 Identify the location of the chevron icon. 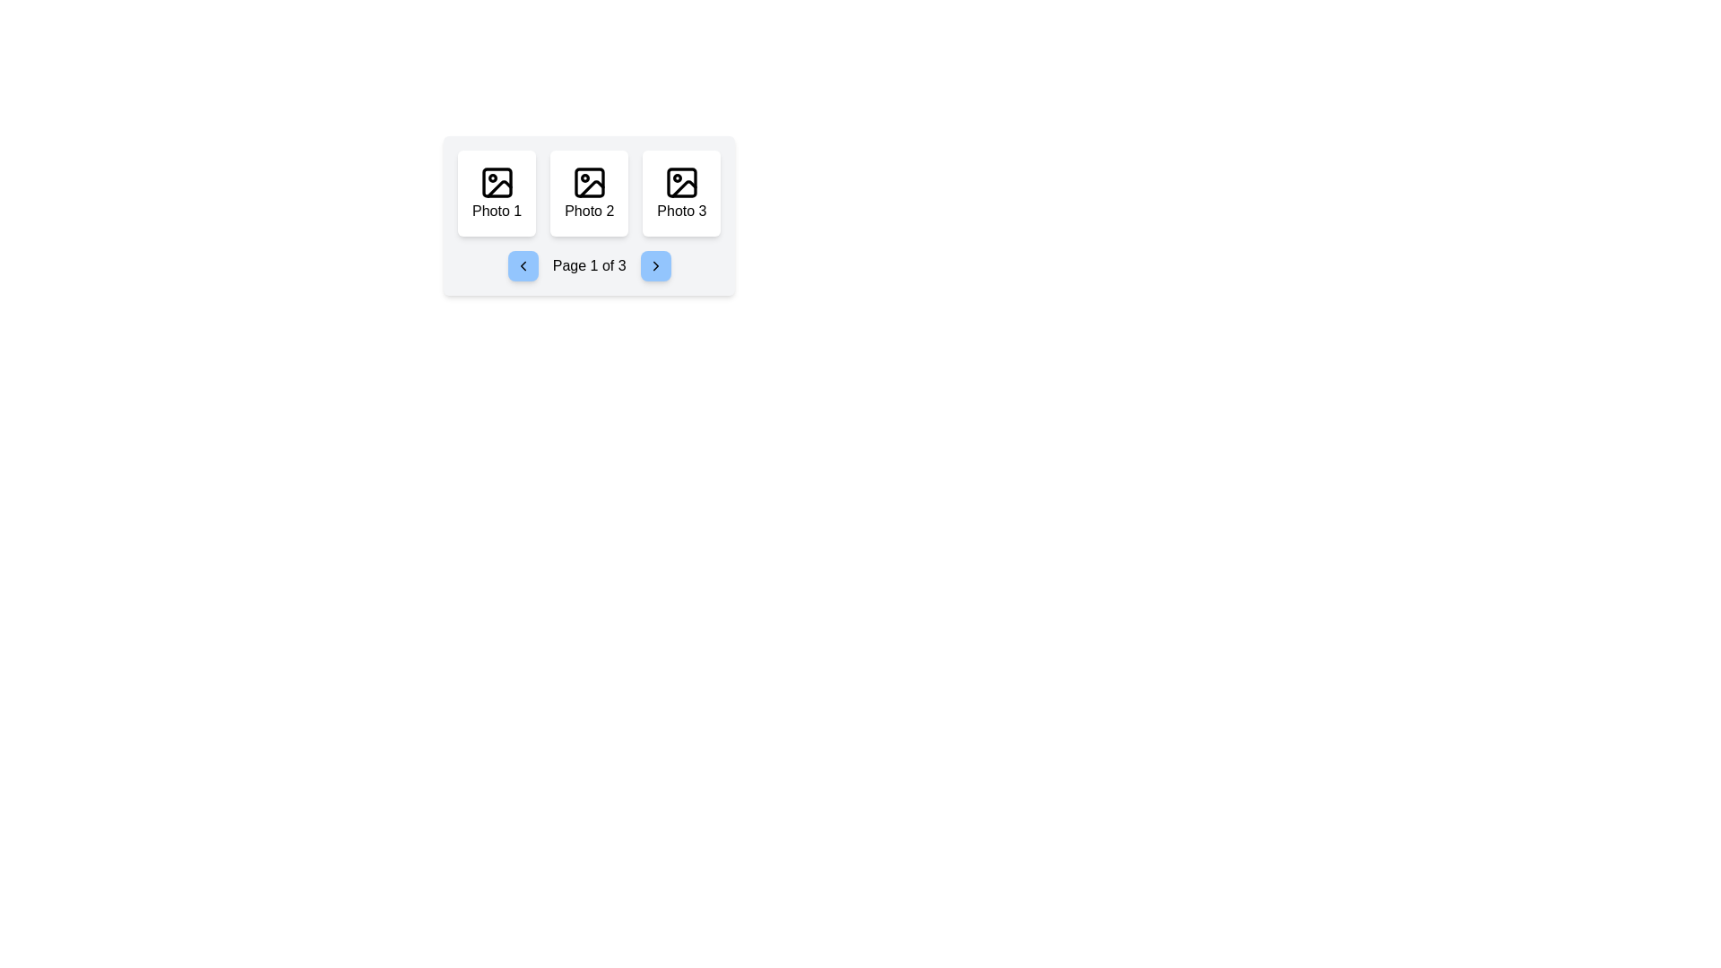
(522, 266).